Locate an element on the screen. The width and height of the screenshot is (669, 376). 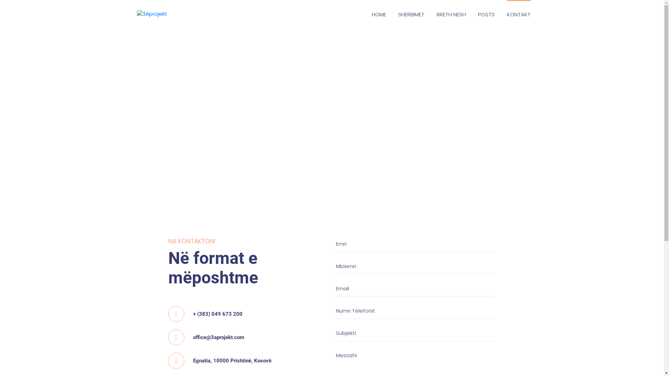
'KONTAKT' is located at coordinates (518, 14).